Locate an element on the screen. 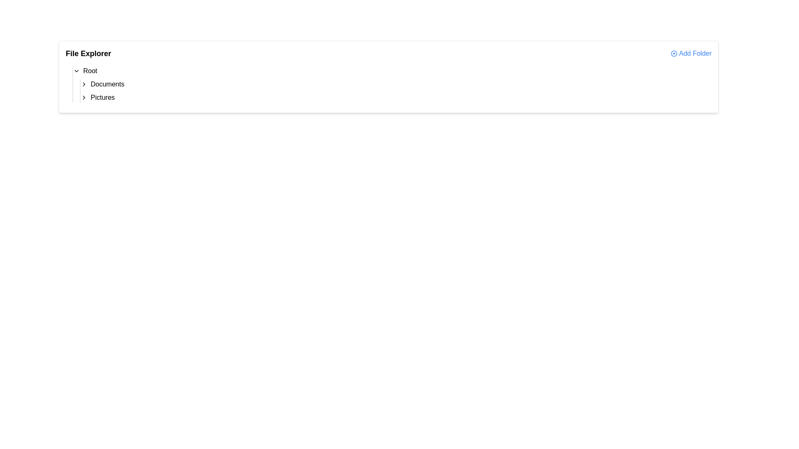 This screenshot has height=449, width=799. the Dropdown indicator icon located next to the 'Root' text label in the file explorer UI is located at coordinates (76, 70).